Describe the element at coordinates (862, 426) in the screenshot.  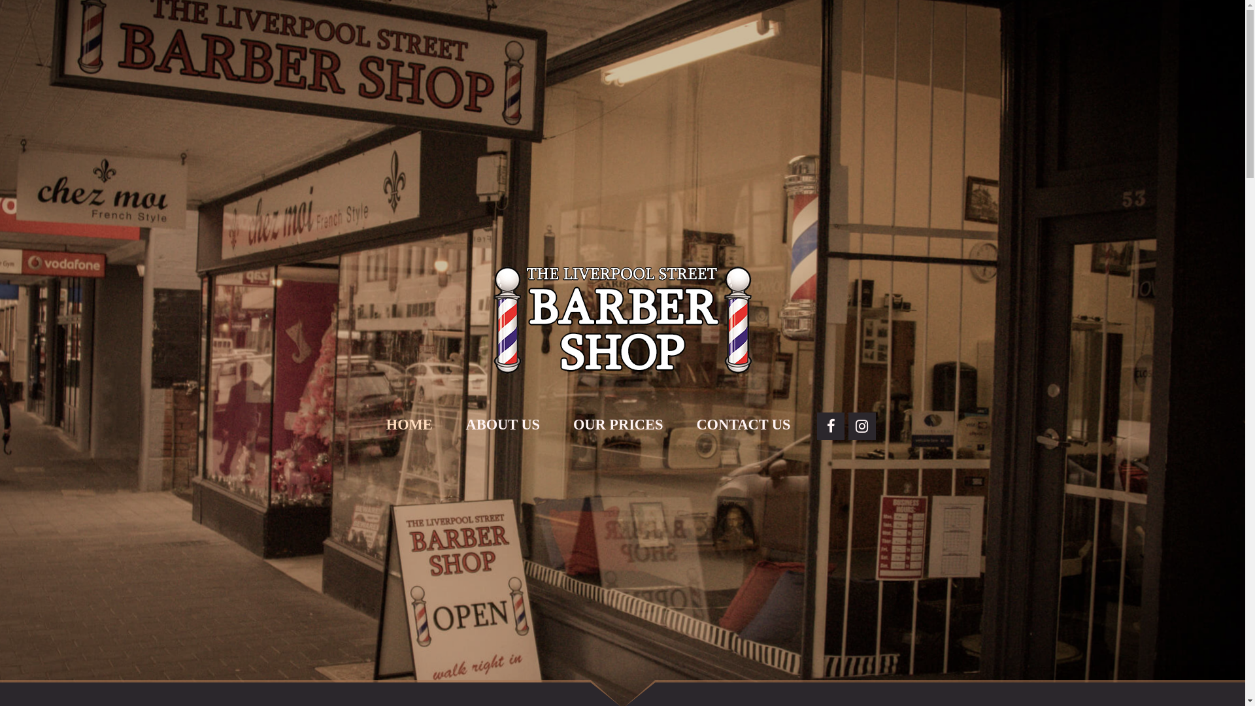
I see `'Instagram'` at that location.